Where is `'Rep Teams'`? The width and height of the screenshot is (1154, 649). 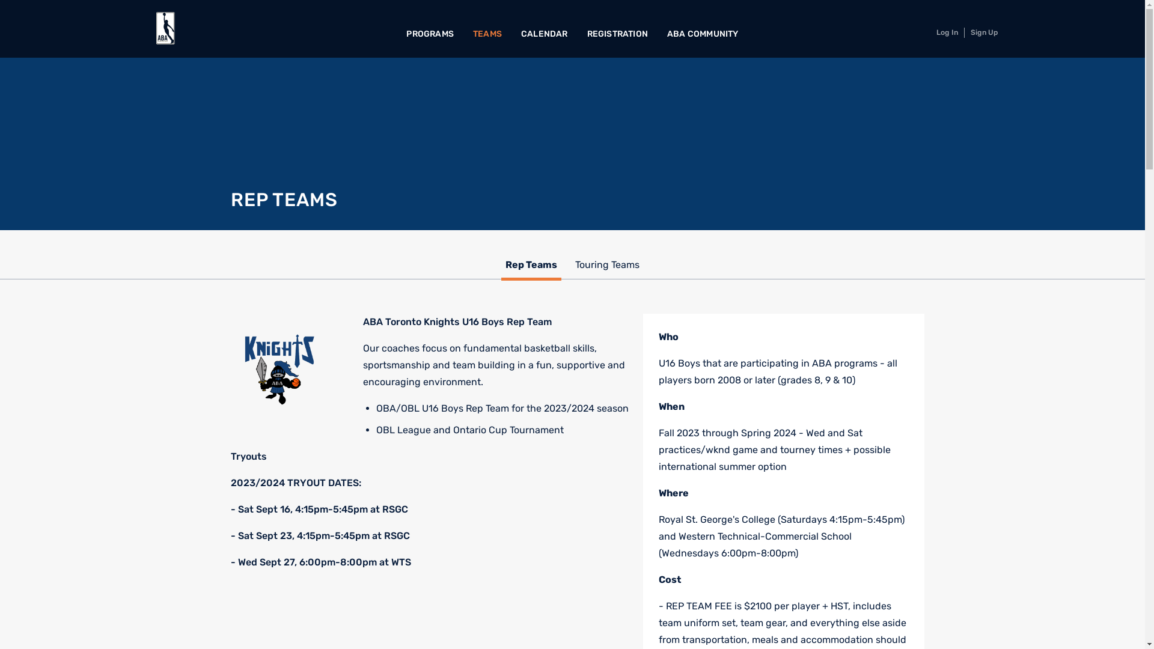
'Rep Teams' is located at coordinates (530, 266).